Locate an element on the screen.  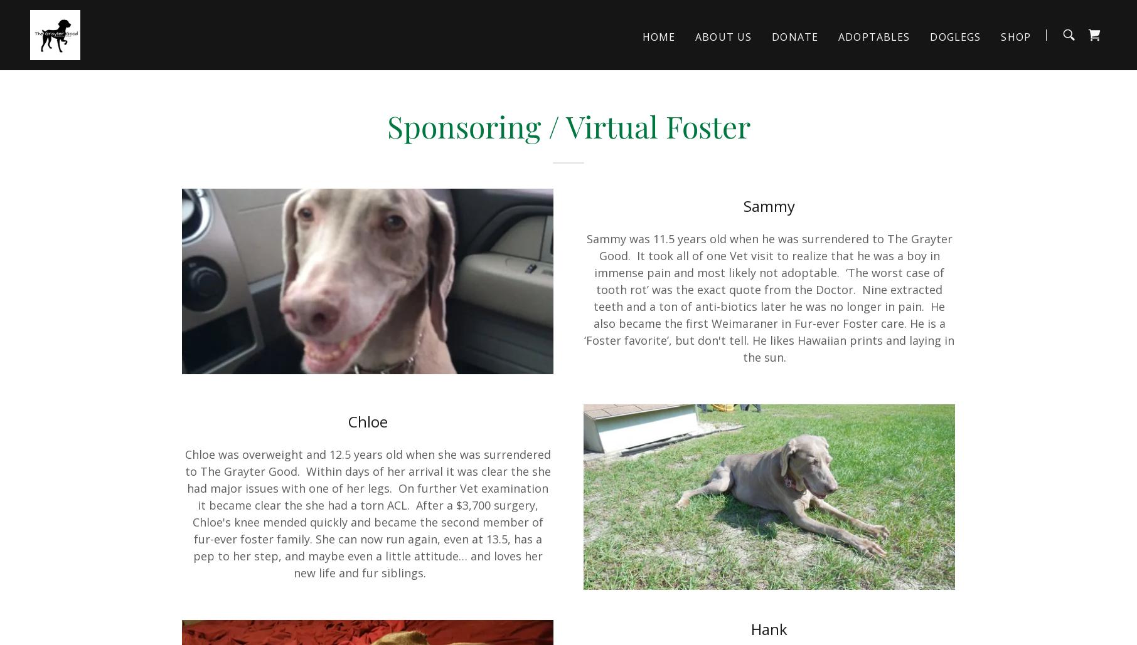
'Home' is located at coordinates (658, 36).